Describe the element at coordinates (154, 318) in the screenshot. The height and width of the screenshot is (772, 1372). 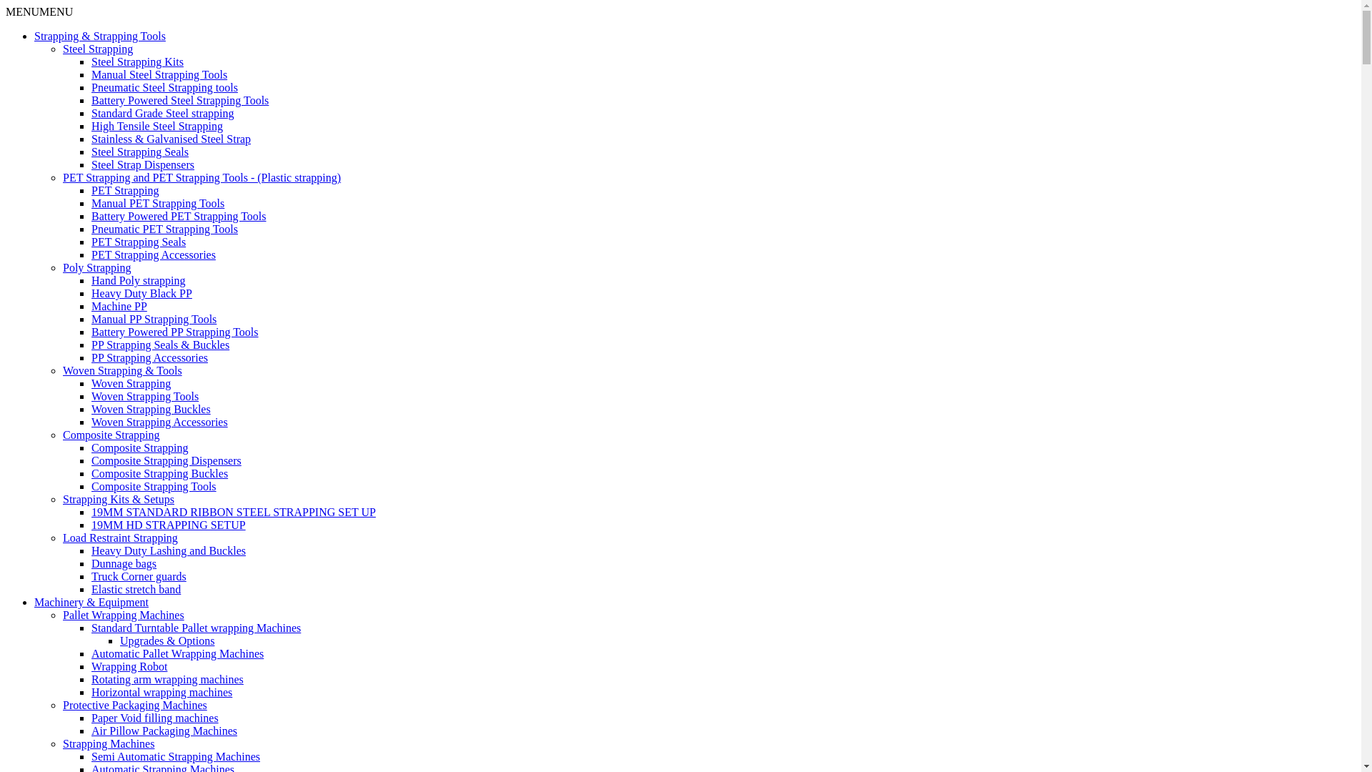
I see `'Manual PP Strapping Tools'` at that location.